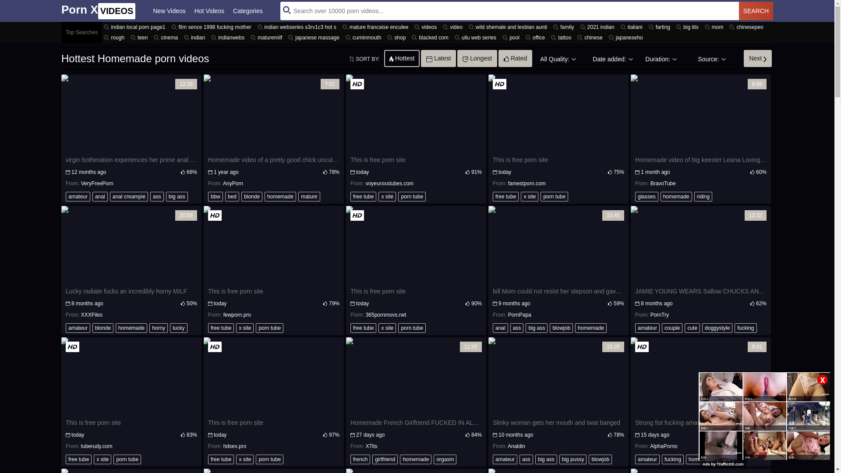  What do you see at coordinates (660, 314) in the screenshot?
I see `'PornTry'` at bounding box center [660, 314].